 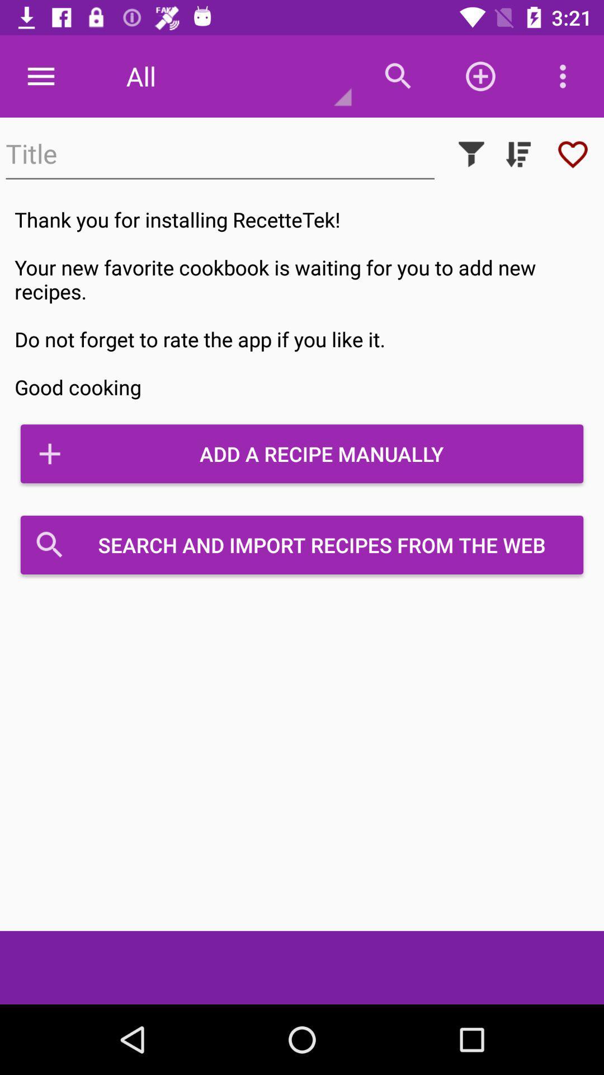 What do you see at coordinates (220, 153) in the screenshot?
I see `item above thank you for item` at bounding box center [220, 153].